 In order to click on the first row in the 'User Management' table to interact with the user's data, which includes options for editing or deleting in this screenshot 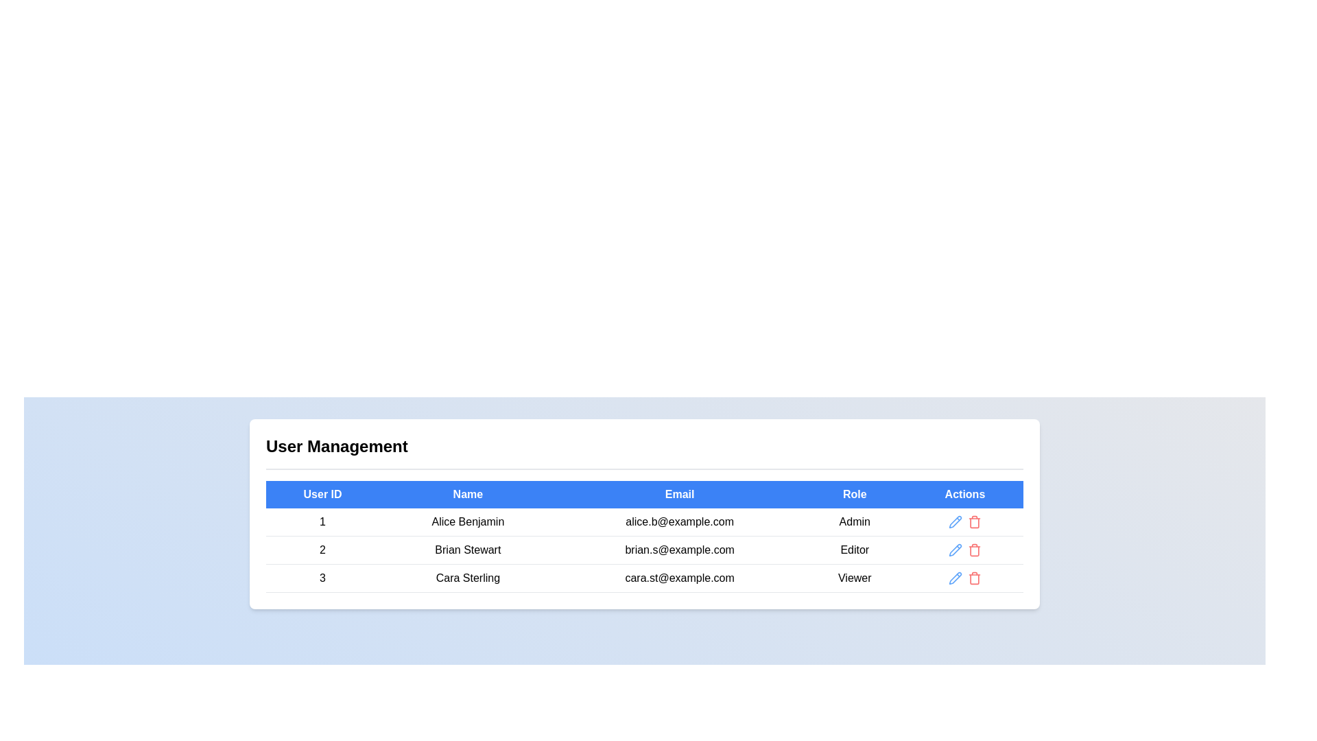, I will do `click(644, 521)`.